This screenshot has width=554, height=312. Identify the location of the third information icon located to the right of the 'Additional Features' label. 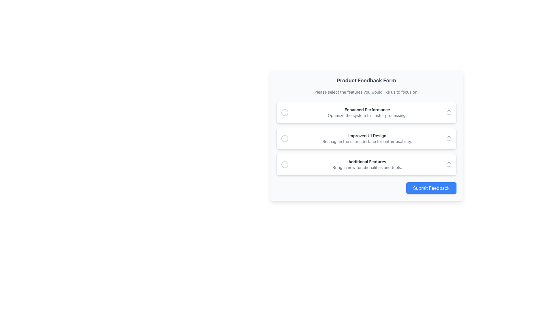
(448, 165).